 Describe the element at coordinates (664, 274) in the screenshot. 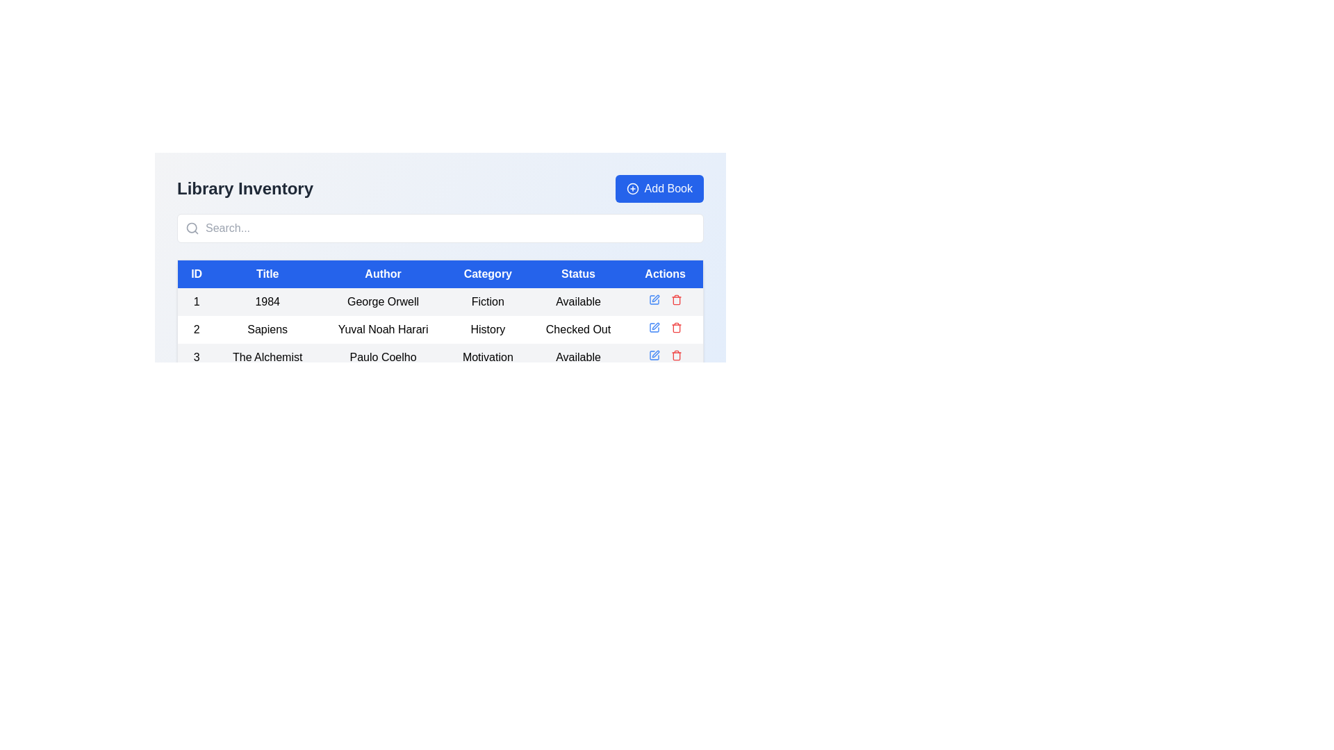

I see `text 'Actions' from the blue header cell that is the last in the row of the table, aligning with other headers like 'ID', 'Title', and 'Status'` at that location.